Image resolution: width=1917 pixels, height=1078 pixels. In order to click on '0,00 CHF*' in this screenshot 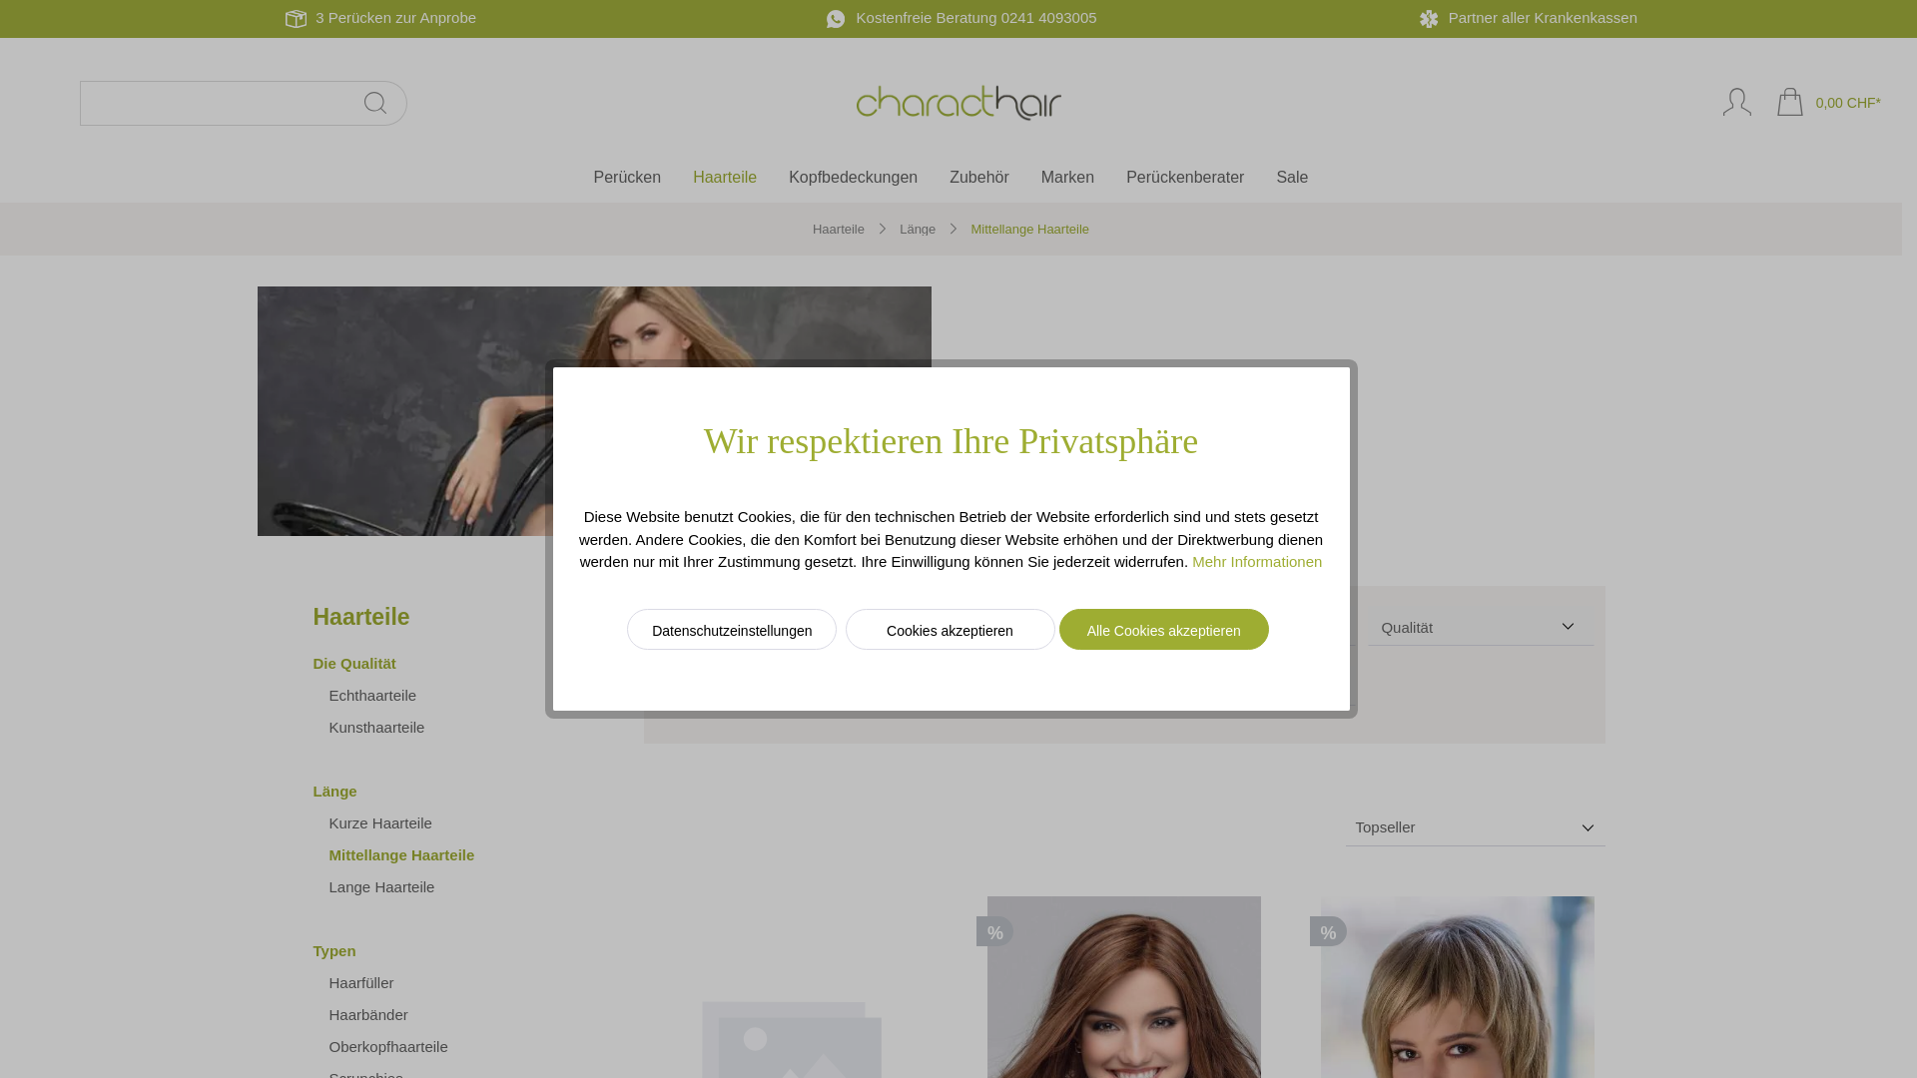, I will do `click(1828, 104)`.